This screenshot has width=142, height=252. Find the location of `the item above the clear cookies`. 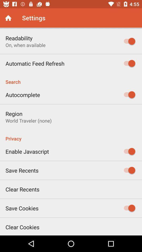

the item above the clear cookies is located at coordinates (22, 208).